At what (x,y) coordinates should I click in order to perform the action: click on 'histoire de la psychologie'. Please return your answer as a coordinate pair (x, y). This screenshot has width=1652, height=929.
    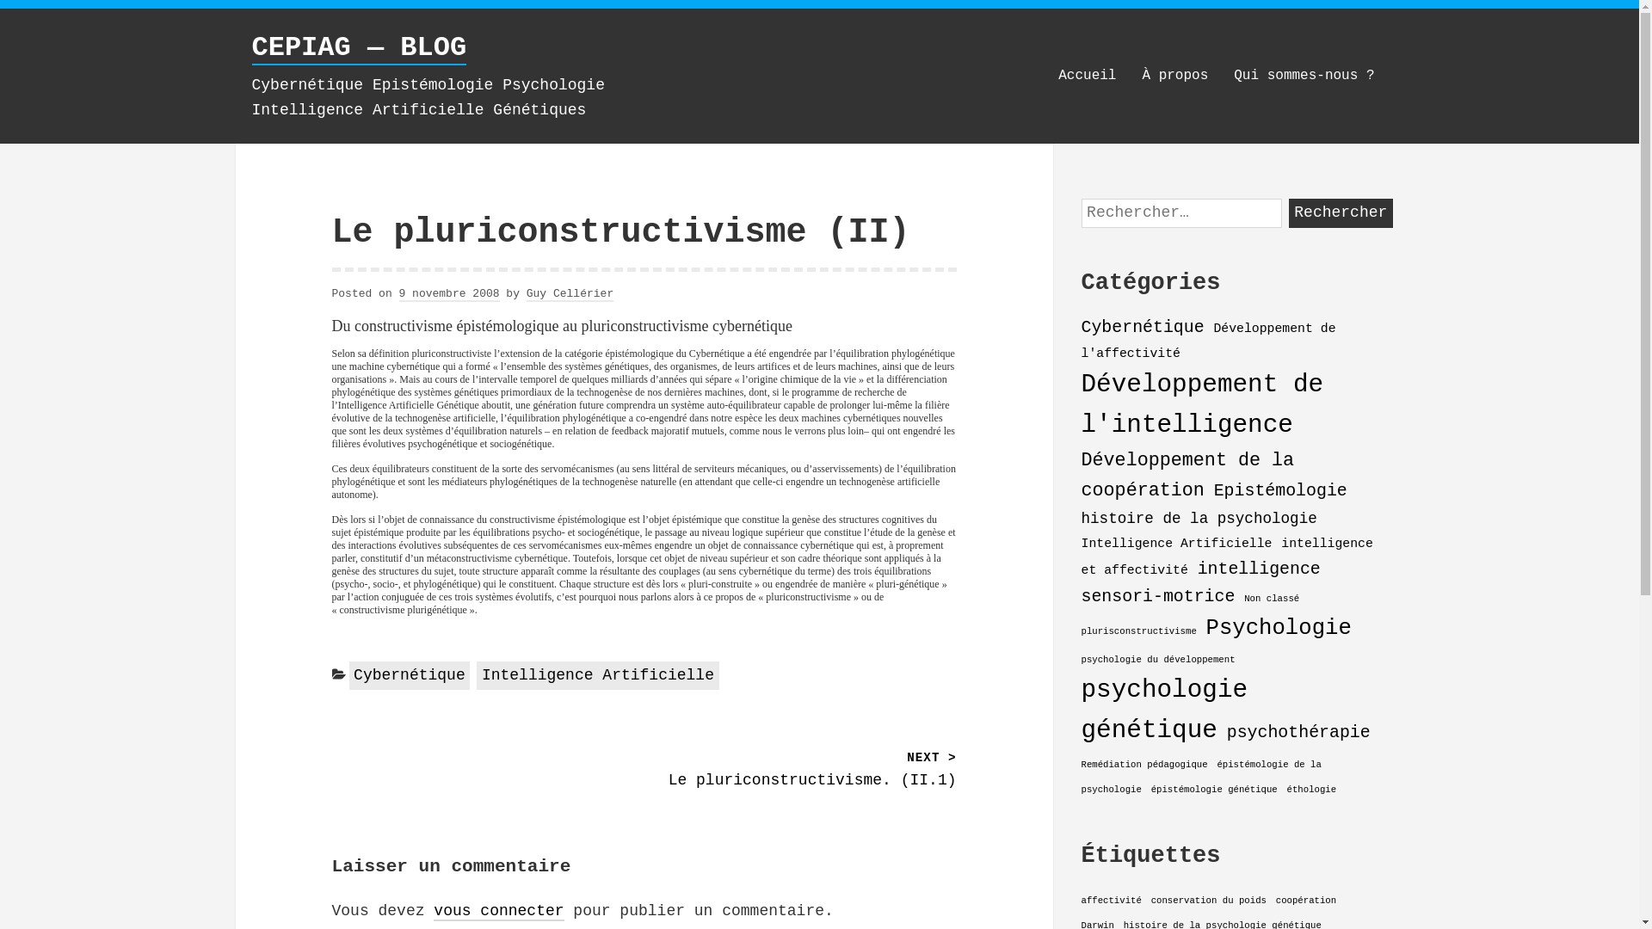
    Looking at the image, I should click on (1197, 517).